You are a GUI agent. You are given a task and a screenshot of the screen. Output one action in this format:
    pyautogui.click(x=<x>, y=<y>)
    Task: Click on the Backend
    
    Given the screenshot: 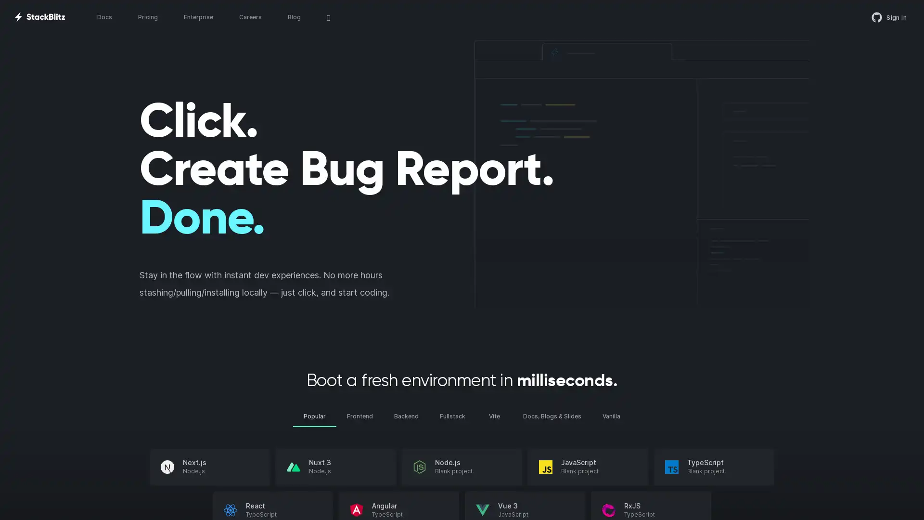 What is the action you would take?
    pyautogui.click(x=406, y=416)
    